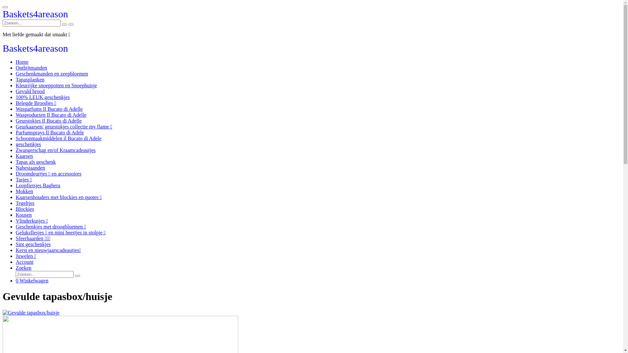  I want to click on 'Tegeltjes', so click(25, 203).